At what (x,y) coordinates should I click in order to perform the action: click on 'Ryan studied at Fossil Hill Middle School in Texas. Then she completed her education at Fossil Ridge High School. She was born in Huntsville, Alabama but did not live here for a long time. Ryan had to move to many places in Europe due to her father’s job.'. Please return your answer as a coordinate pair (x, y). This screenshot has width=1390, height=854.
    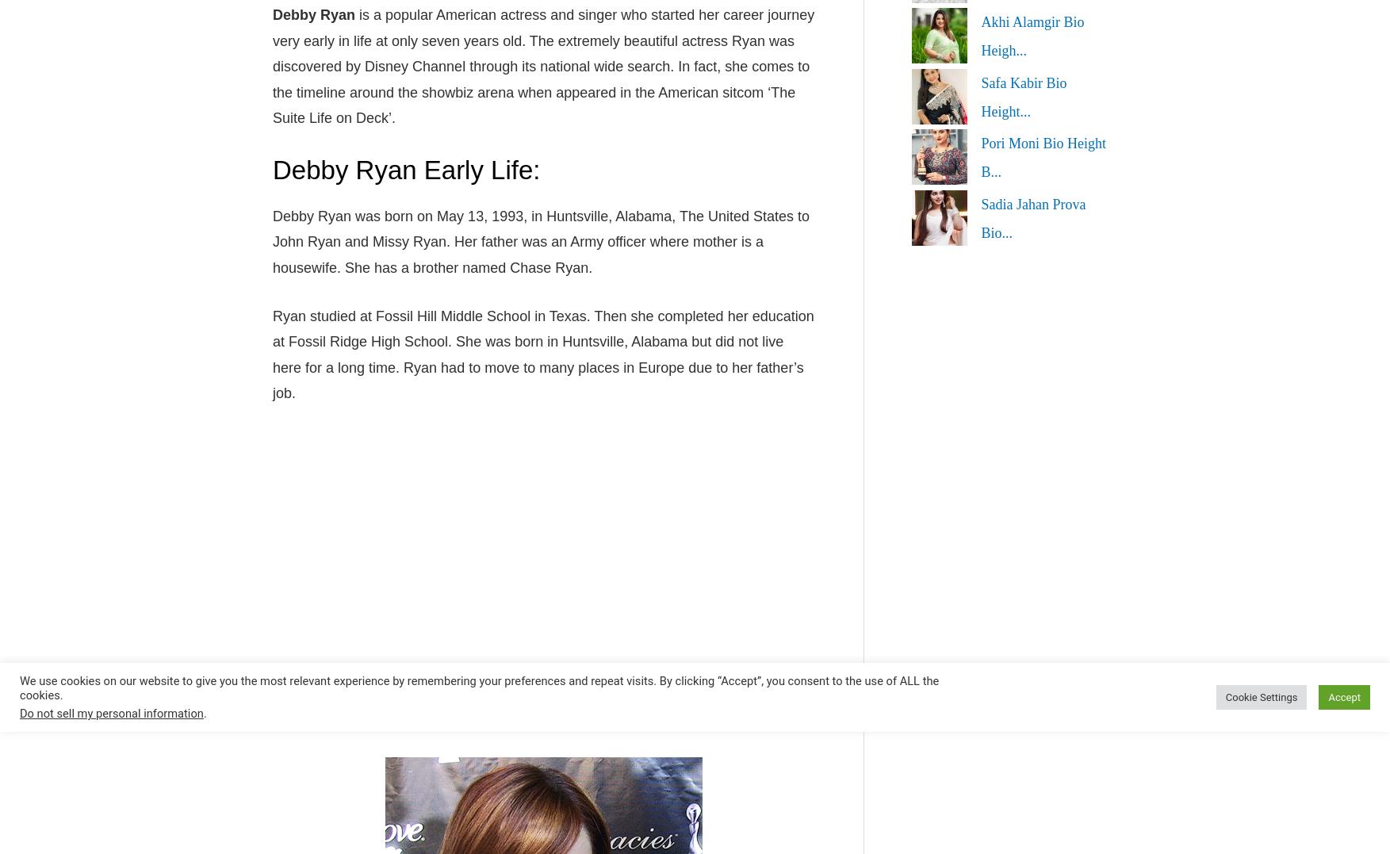
    Looking at the image, I should click on (272, 354).